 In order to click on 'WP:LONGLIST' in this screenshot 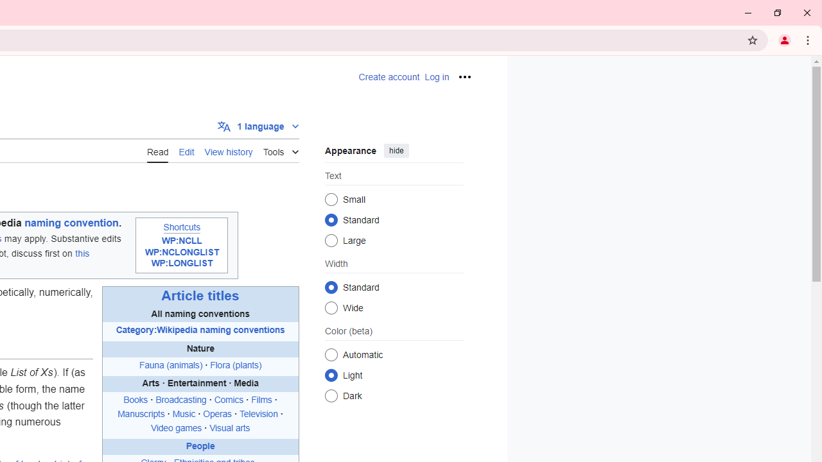, I will do `click(181, 263)`.